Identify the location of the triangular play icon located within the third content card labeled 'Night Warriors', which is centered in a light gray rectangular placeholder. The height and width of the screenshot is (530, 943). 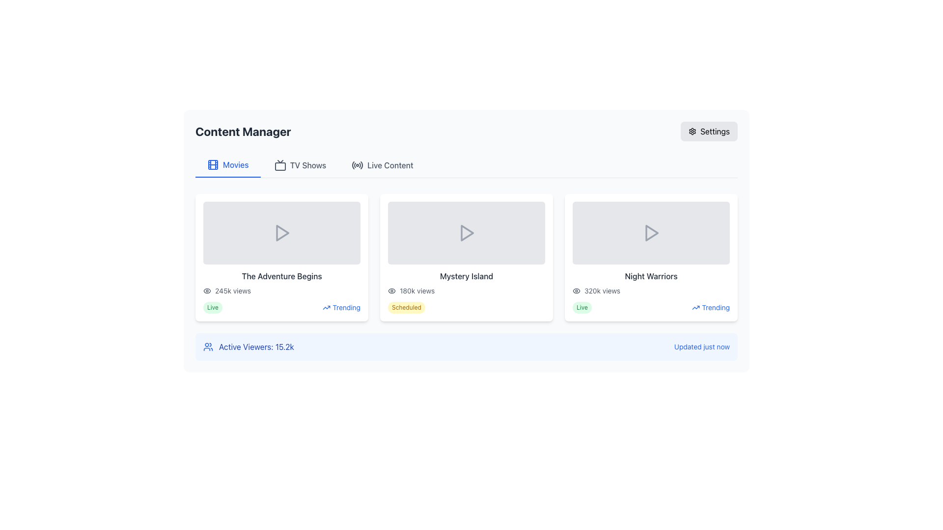
(652, 233).